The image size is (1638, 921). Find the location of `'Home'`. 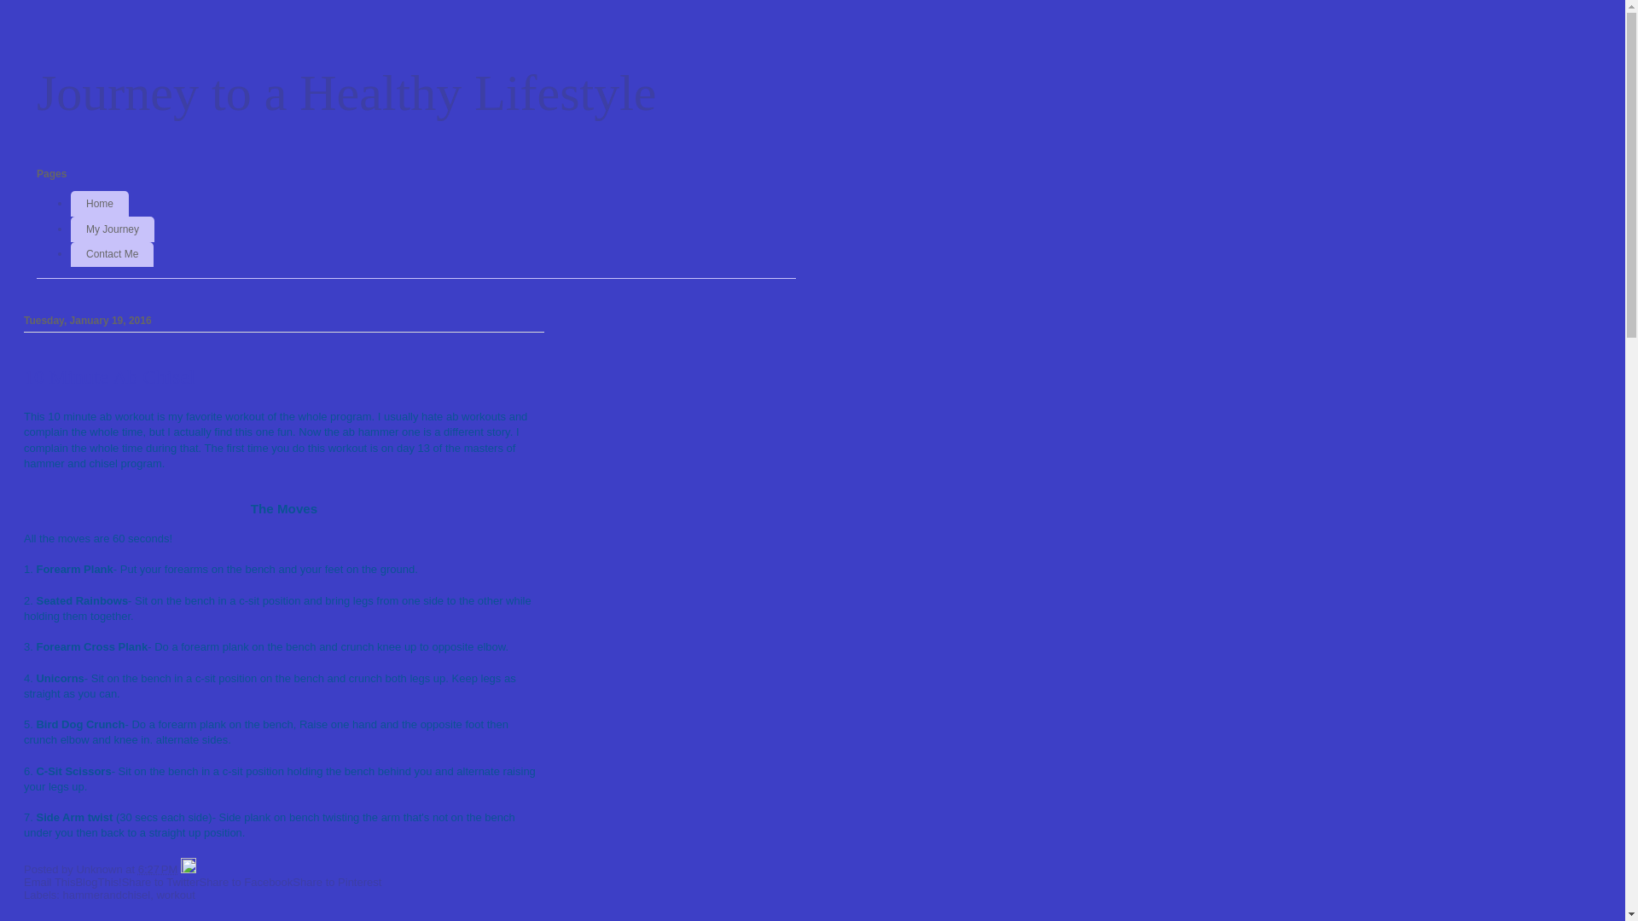

'Home' is located at coordinates (69, 203).